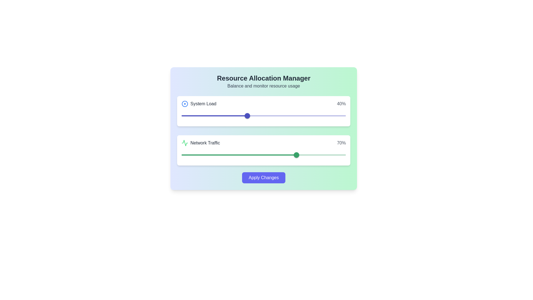 The image size is (533, 300). What do you see at coordinates (251, 155) in the screenshot?
I see `the slider` at bounding box center [251, 155].